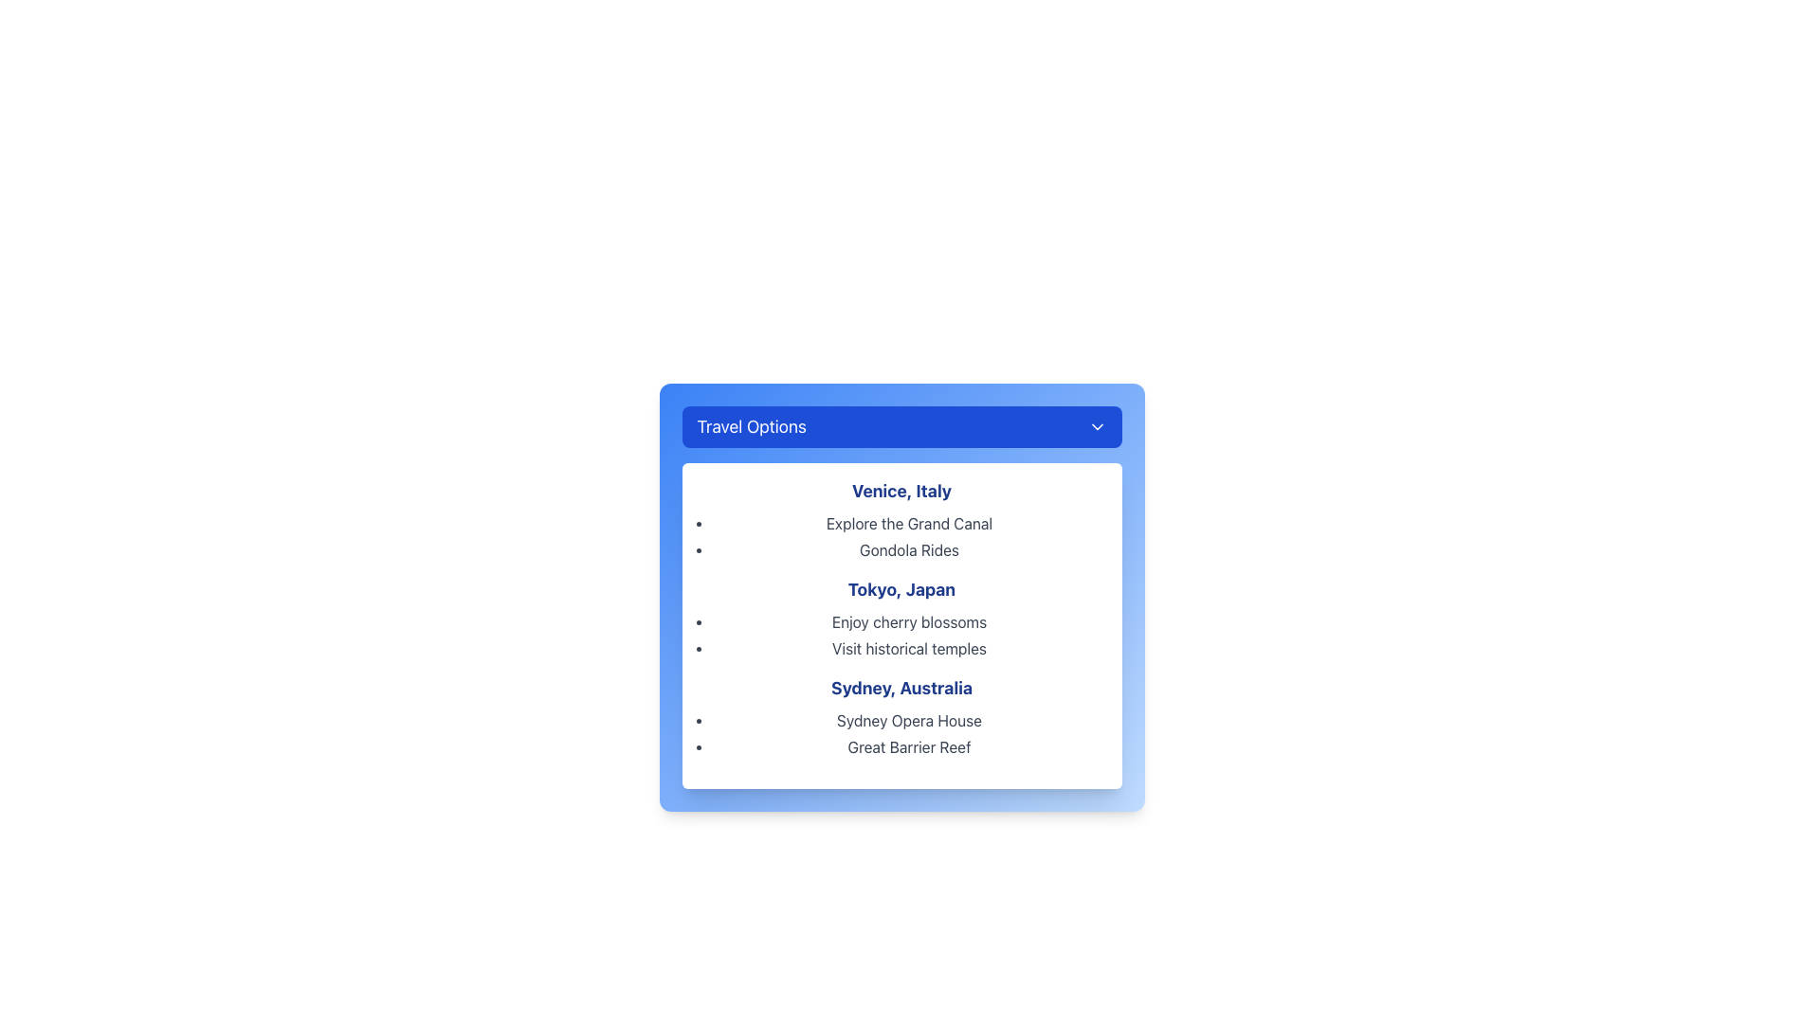 This screenshot has width=1820, height=1023. What do you see at coordinates (908, 733) in the screenshot?
I see `the 'Sydney Opera House' and 'Great Barrier Reef' attraction names in the bulleted list located below the 'Sydney, Australia' heading` at bounding box center [908, 733].